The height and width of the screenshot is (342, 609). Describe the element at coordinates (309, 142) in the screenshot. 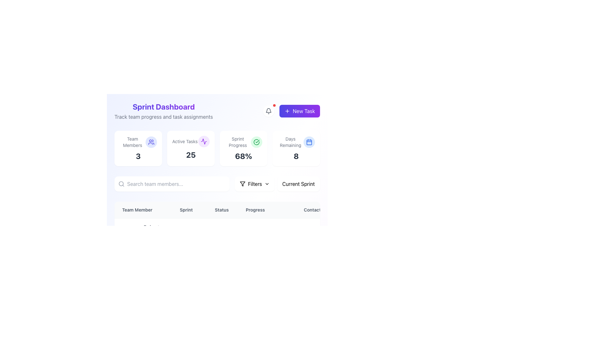

I see `the calendar icon by clicking on the rectangular SVG element with rounded corners, which is styled with a light blue background and is located within the calendar icon to the right of the dashboard header section` at that location.